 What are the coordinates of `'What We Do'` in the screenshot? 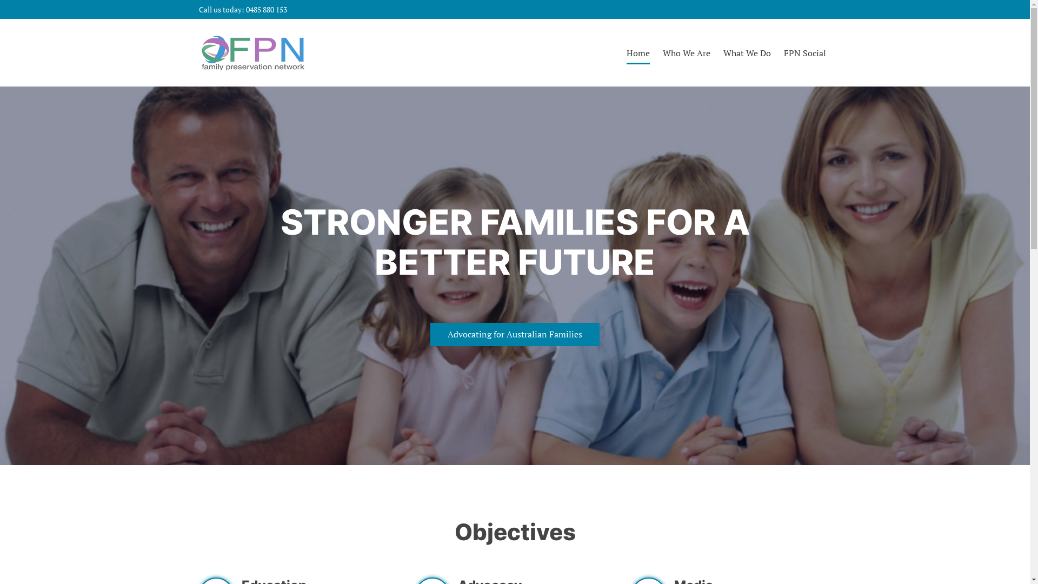 It's located at (723, 52).